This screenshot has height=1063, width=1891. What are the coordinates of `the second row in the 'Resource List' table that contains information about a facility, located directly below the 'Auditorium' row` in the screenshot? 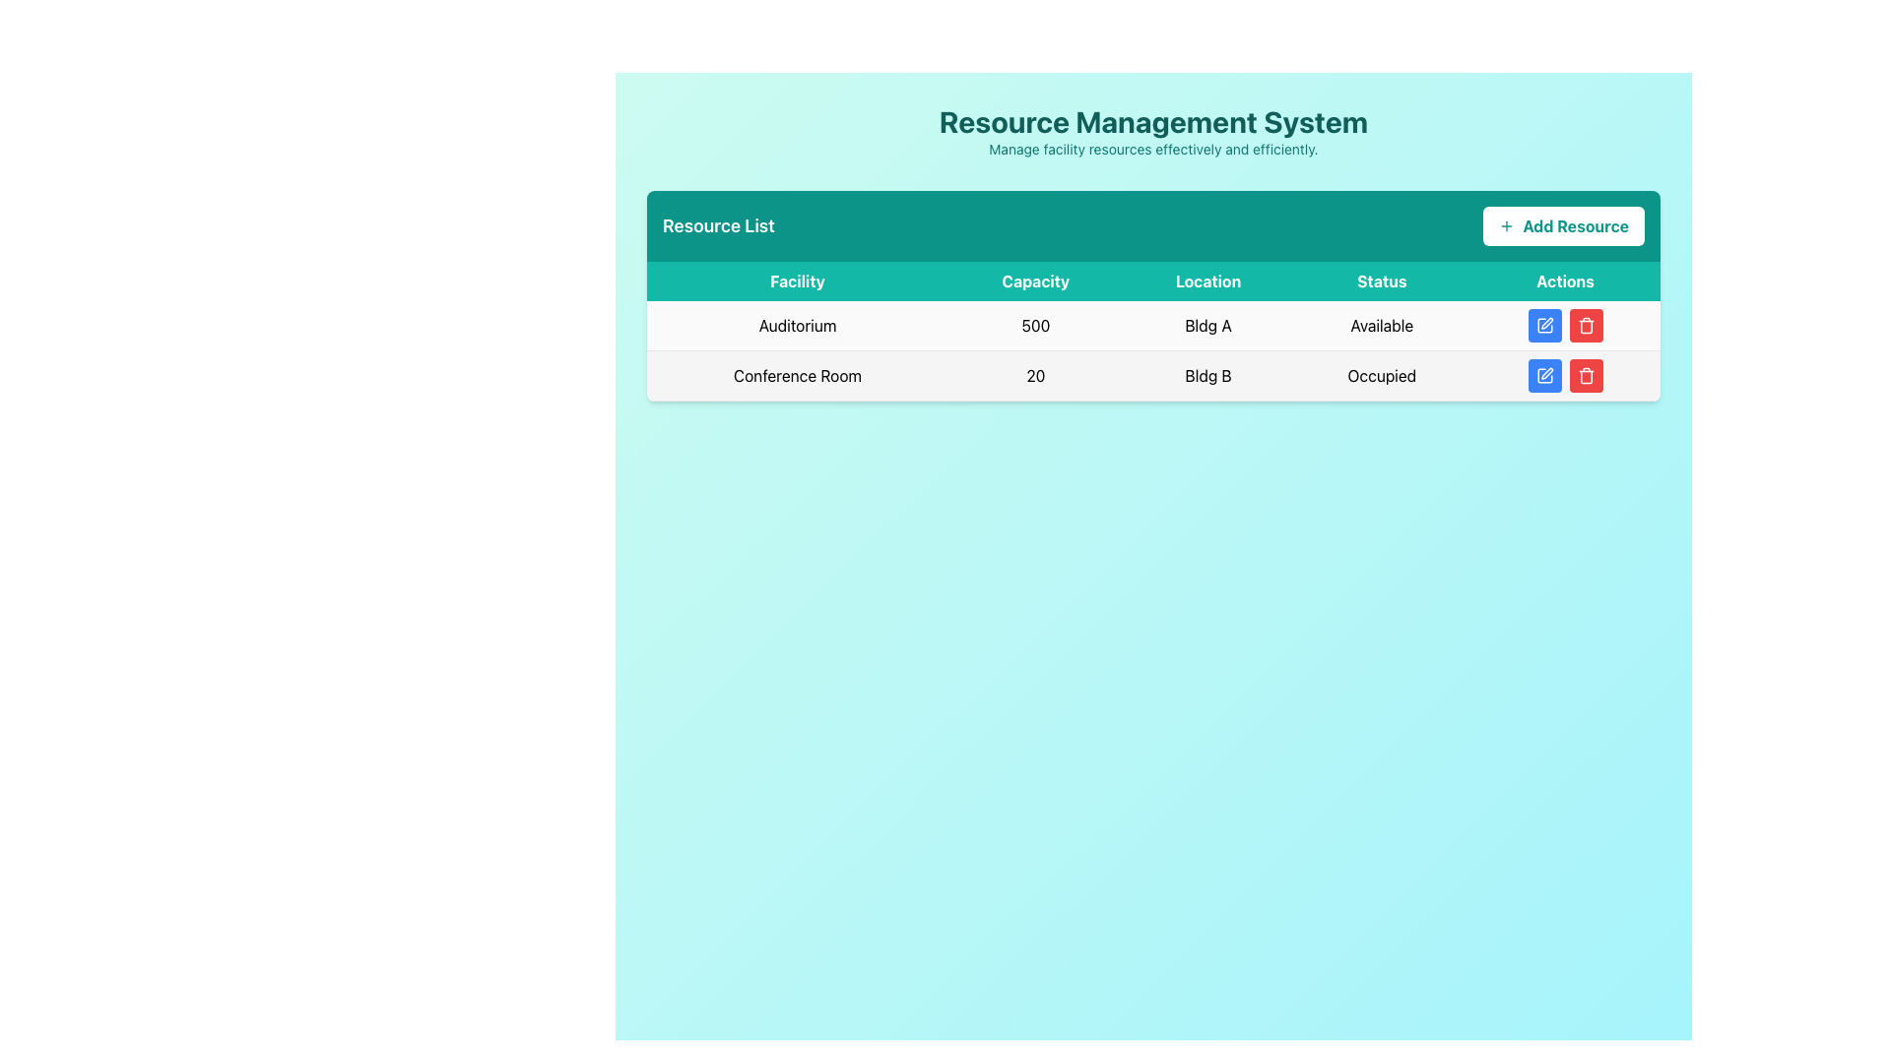 It's located at (1153, 375).